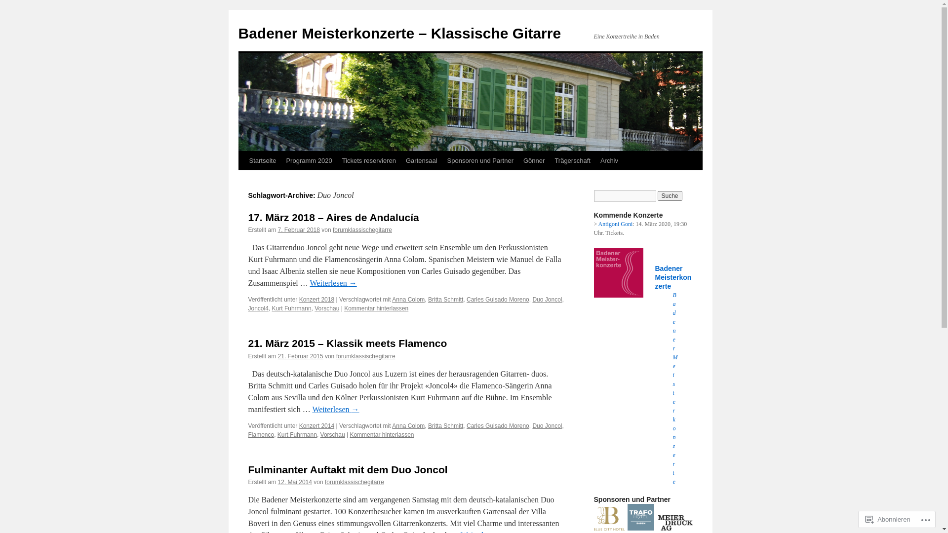  Describe the element at coordinates (422, 160) in the screenshot. I see `'Gartensaal'` at that location.